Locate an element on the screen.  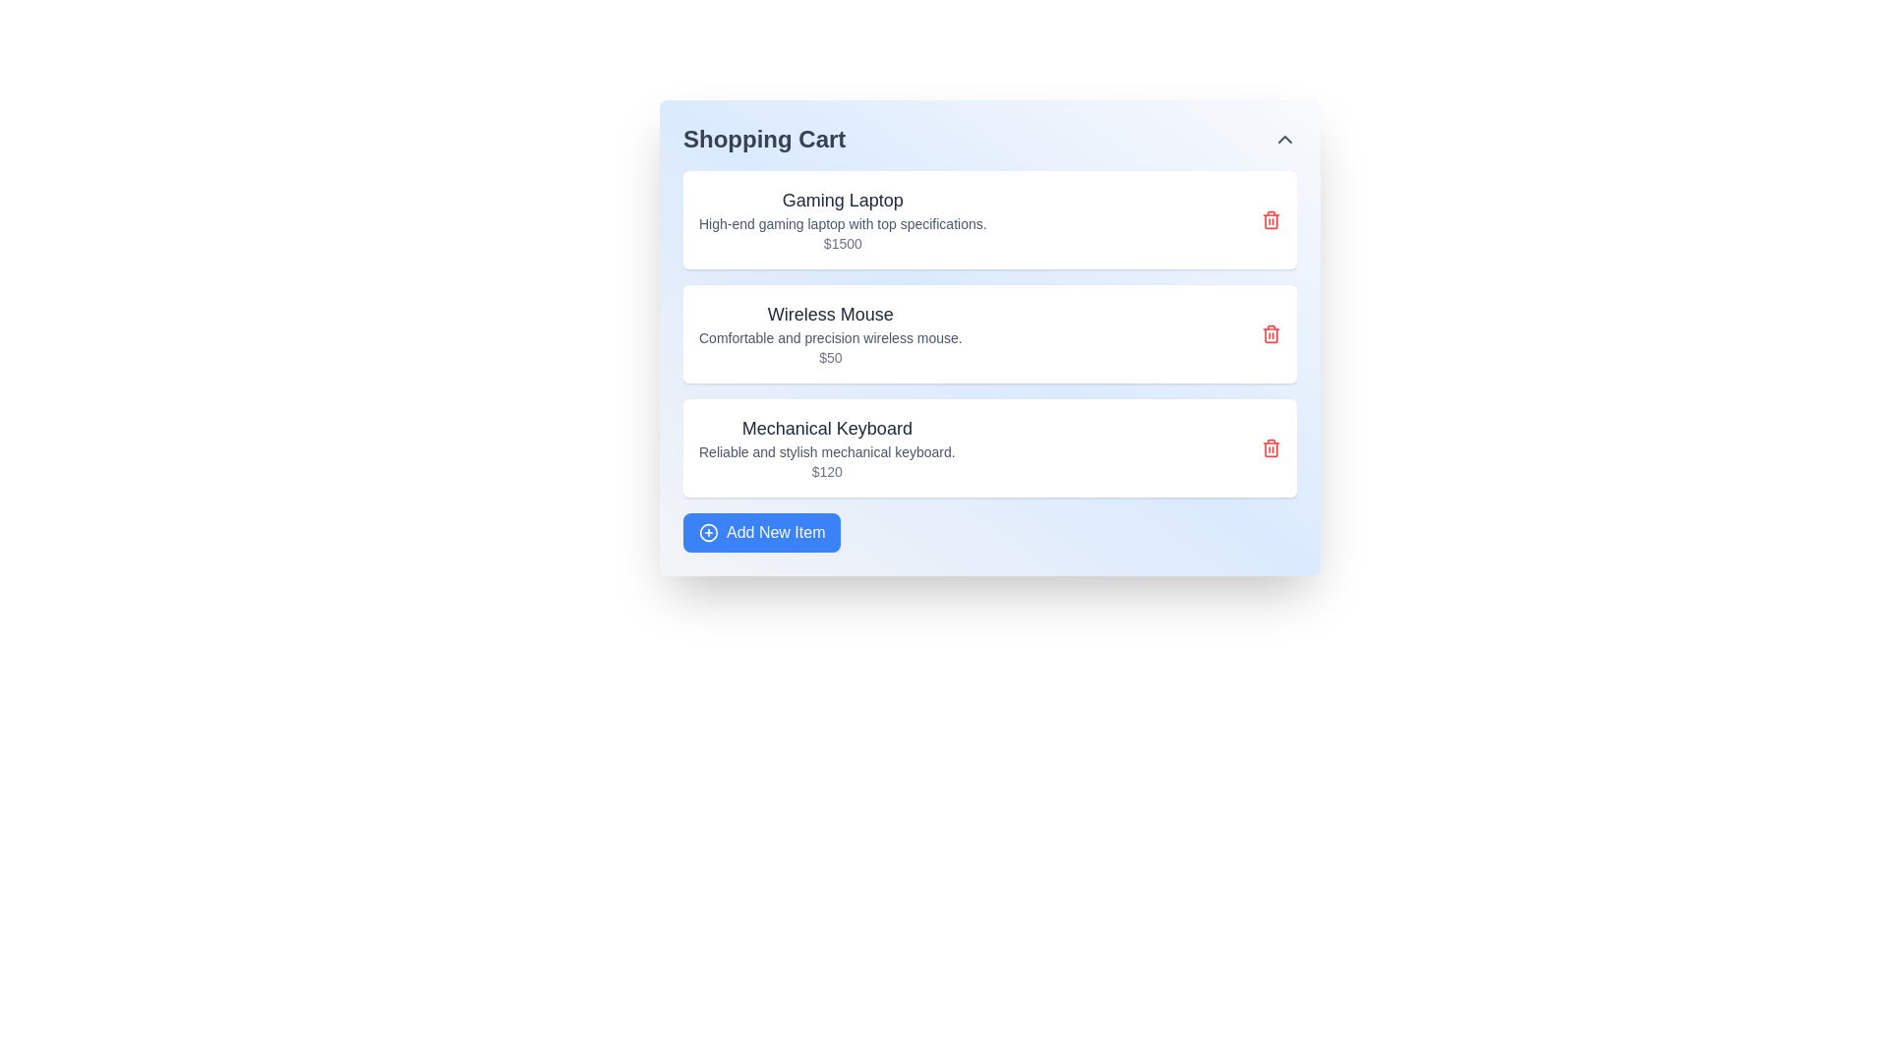
the delete icon button for the 'Wireless Mouse' item located is located at coordinates (1270, 332).